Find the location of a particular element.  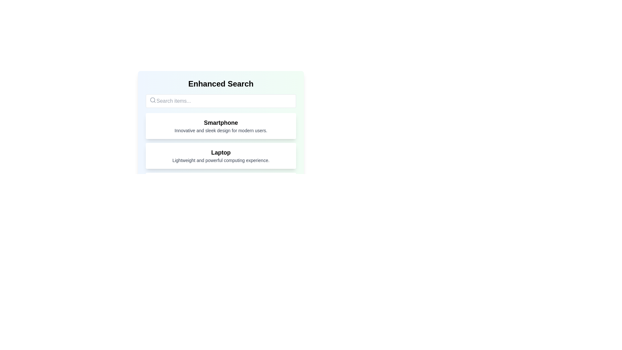

the 'Laptop' text label, which is a bold and enlarged heading within the second panel of a vertical sequence, distinguishing it from surrounding text is located at coordinates (221, 152).